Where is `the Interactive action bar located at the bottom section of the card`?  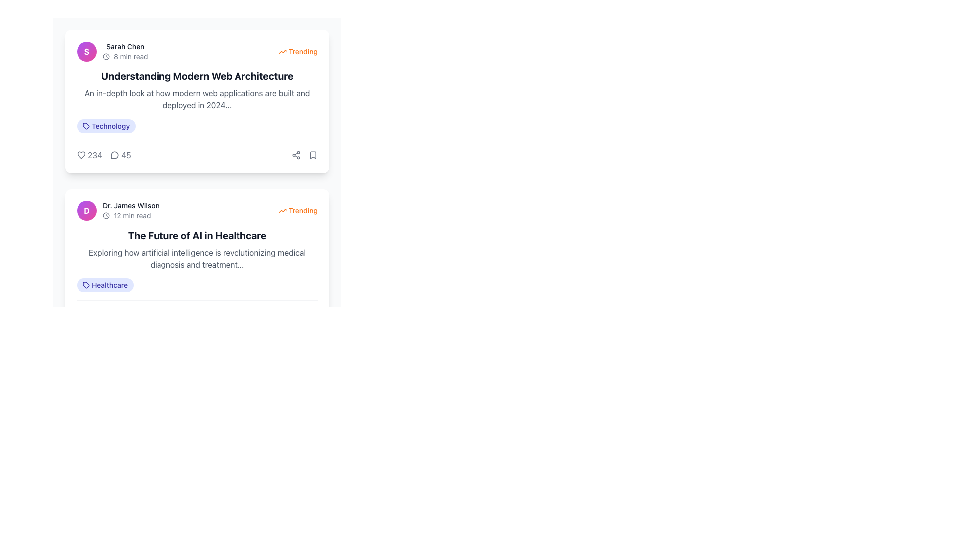 the Interactive action bar located at the bottom section of the card is located at coordinates (197, 151).